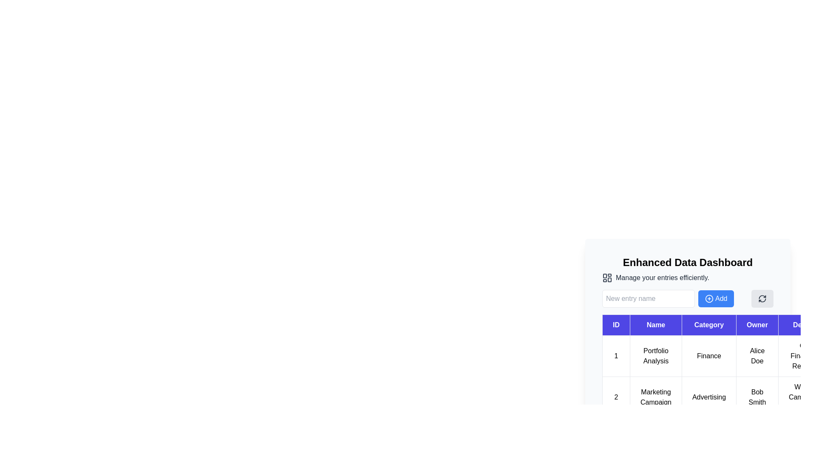 The width and height of the screenshot is (816, 459). Describe the element at coordinates (616, 397) in the screenshot. I see `the Table Cell in the first column of the data table, located in the second row, to associate the ID with the row content` at that location.